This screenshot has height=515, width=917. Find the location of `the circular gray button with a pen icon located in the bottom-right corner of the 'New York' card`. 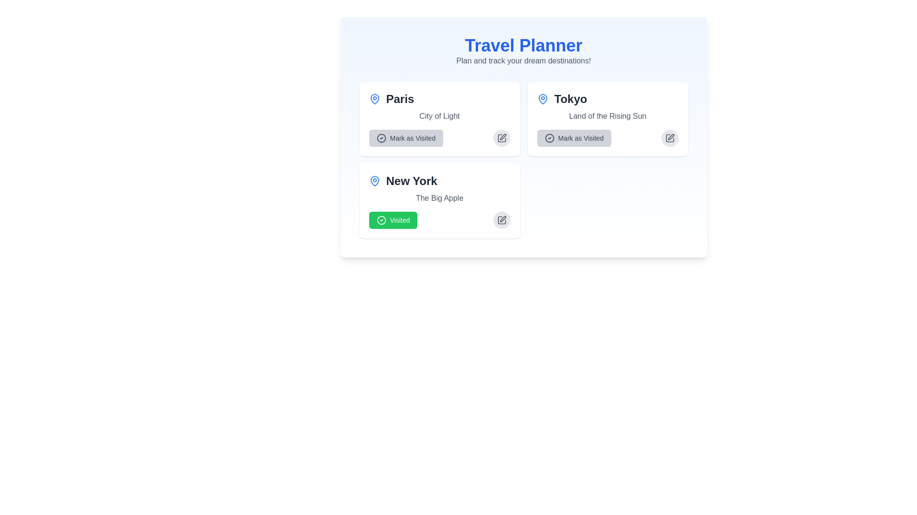

the circular gray button with a pen icon located in the bottom-right corner of the 'New York' card is located at coordinates (501, 220).